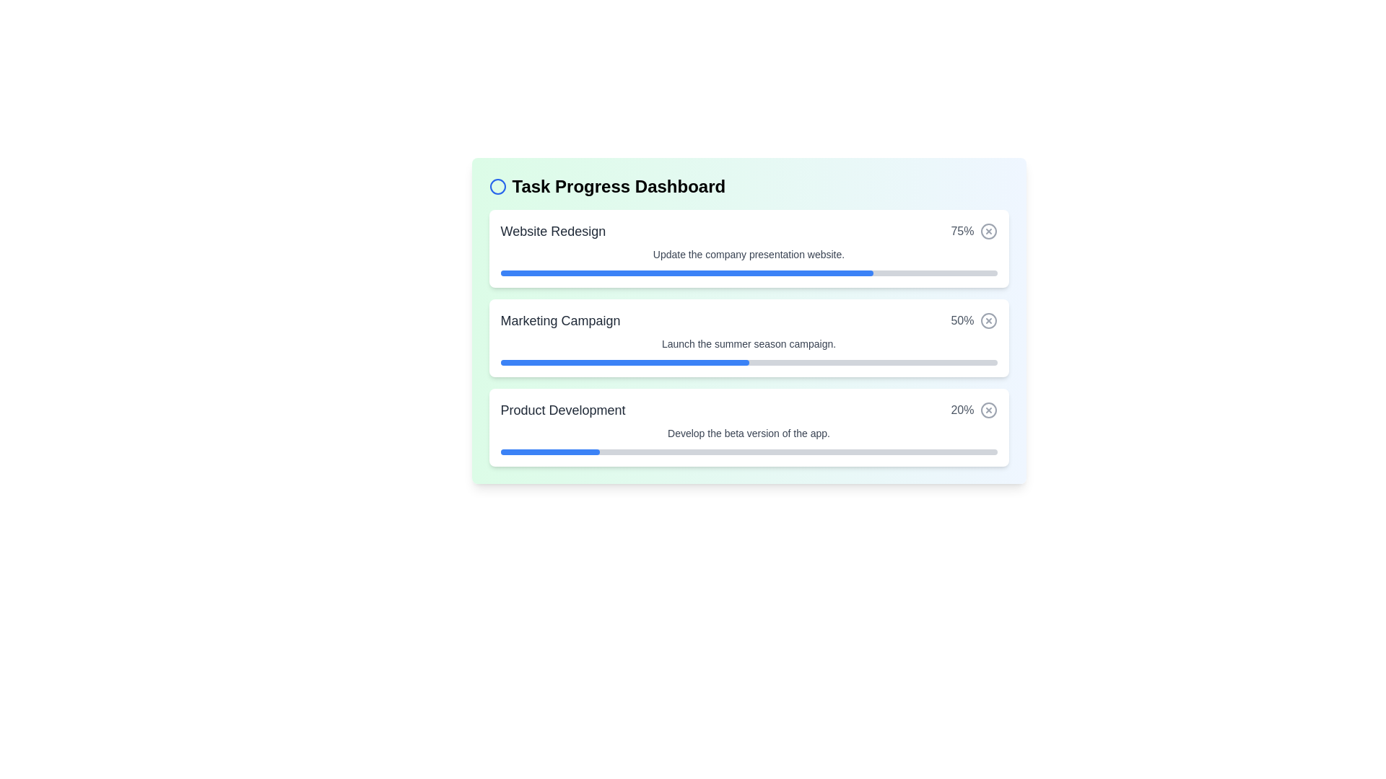  I want to click on the 'remove' or 'close' icon button located in the 'Product Development' progress section, so click(988, 410).